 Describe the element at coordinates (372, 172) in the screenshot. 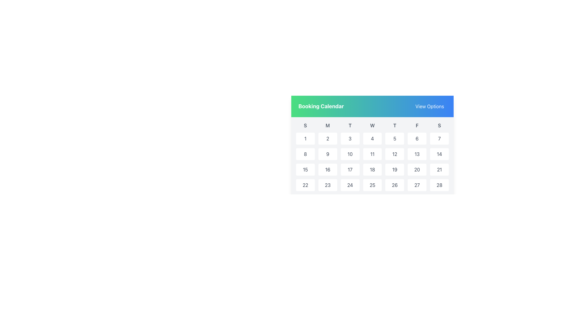

I see `a specific day in the Calendar Grid located just below the 'Booking Calendar' header, which has a light gray background and white day tiles` at that location.